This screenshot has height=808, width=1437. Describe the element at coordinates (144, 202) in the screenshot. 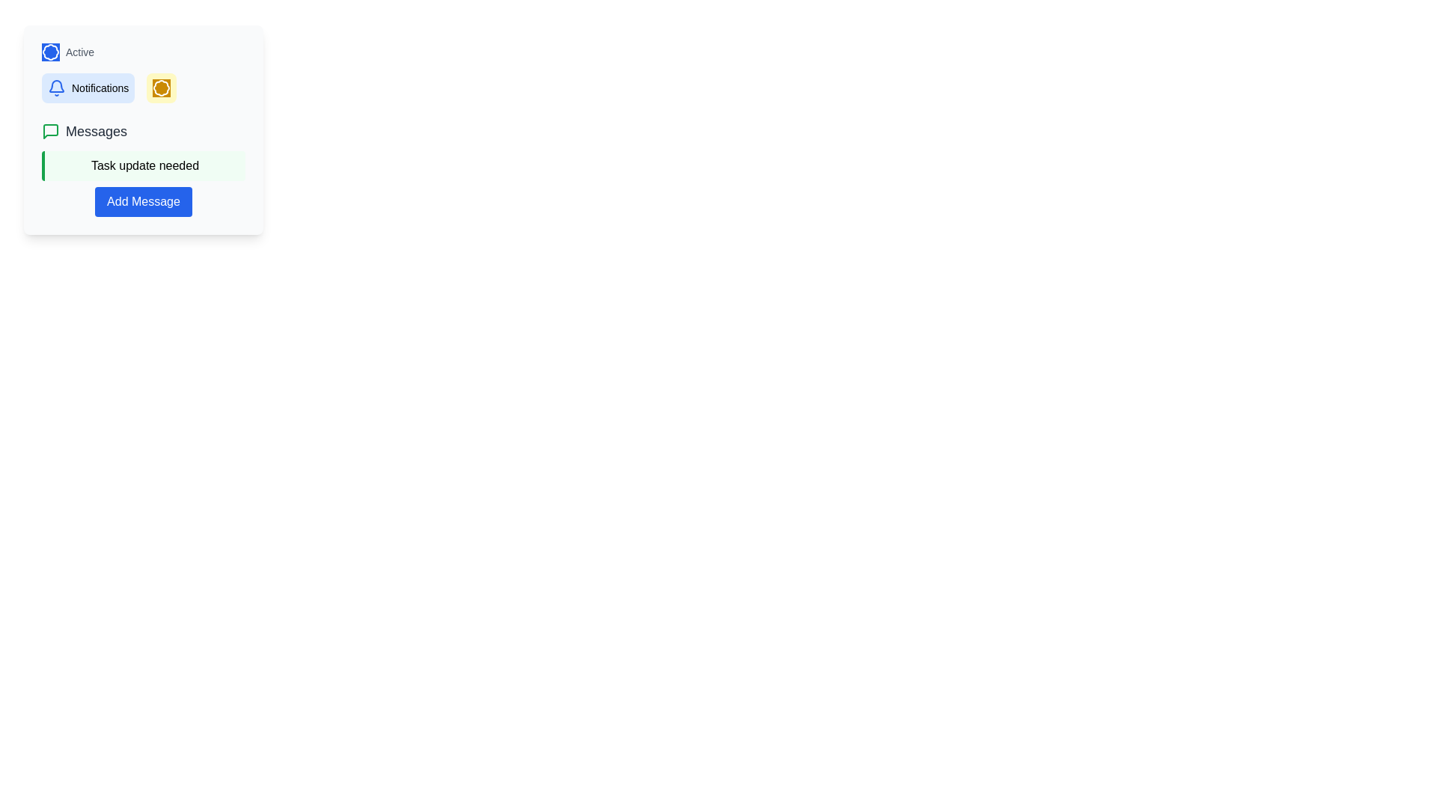

I see `the blue 'Add Message' button with white text that is located below the 'Task update needed' text in the Messages section to initiate the 'Add Message' function` at that location.